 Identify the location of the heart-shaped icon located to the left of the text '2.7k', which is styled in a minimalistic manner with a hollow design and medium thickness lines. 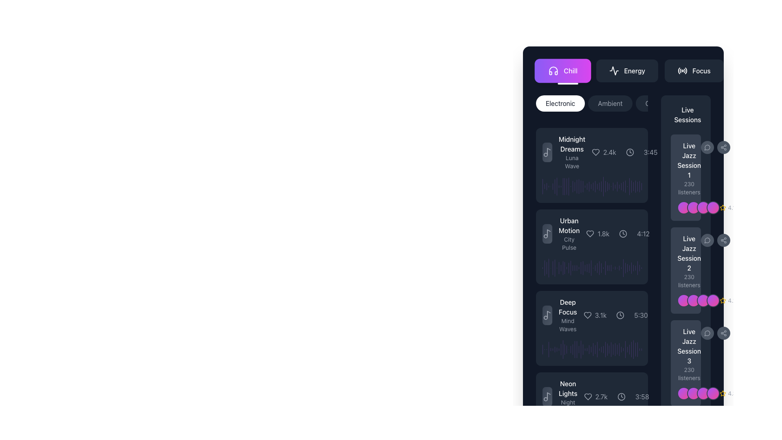
(588, 396).